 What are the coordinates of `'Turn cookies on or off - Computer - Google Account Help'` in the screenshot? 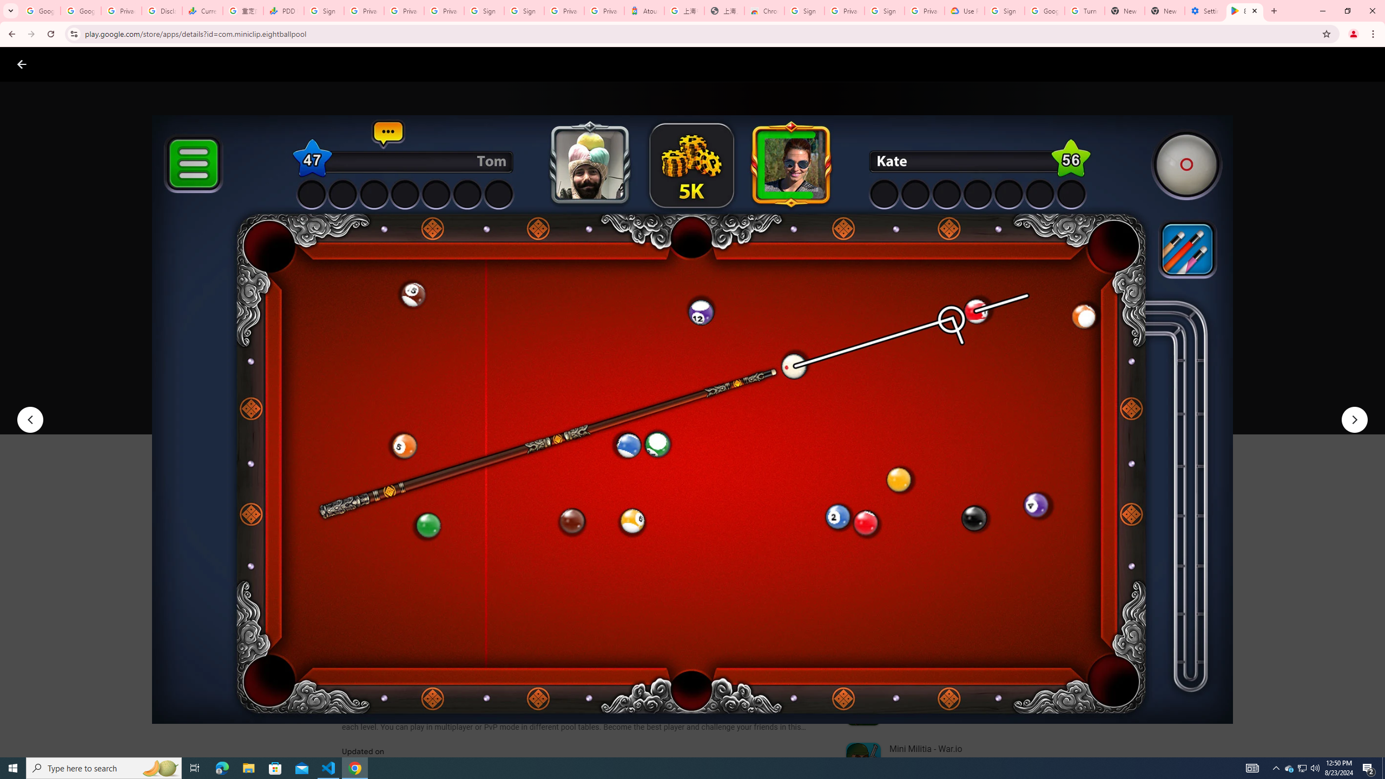 It's located at (1084, 10).